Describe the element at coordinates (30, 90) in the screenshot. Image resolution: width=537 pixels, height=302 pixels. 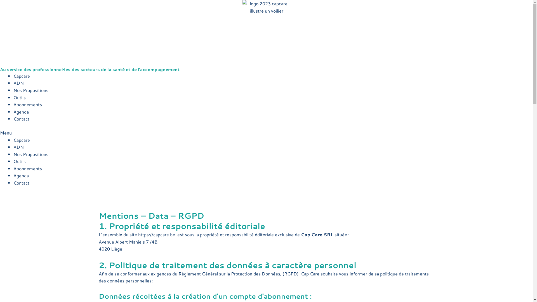
I see `'Nos Propositions'` at that location.